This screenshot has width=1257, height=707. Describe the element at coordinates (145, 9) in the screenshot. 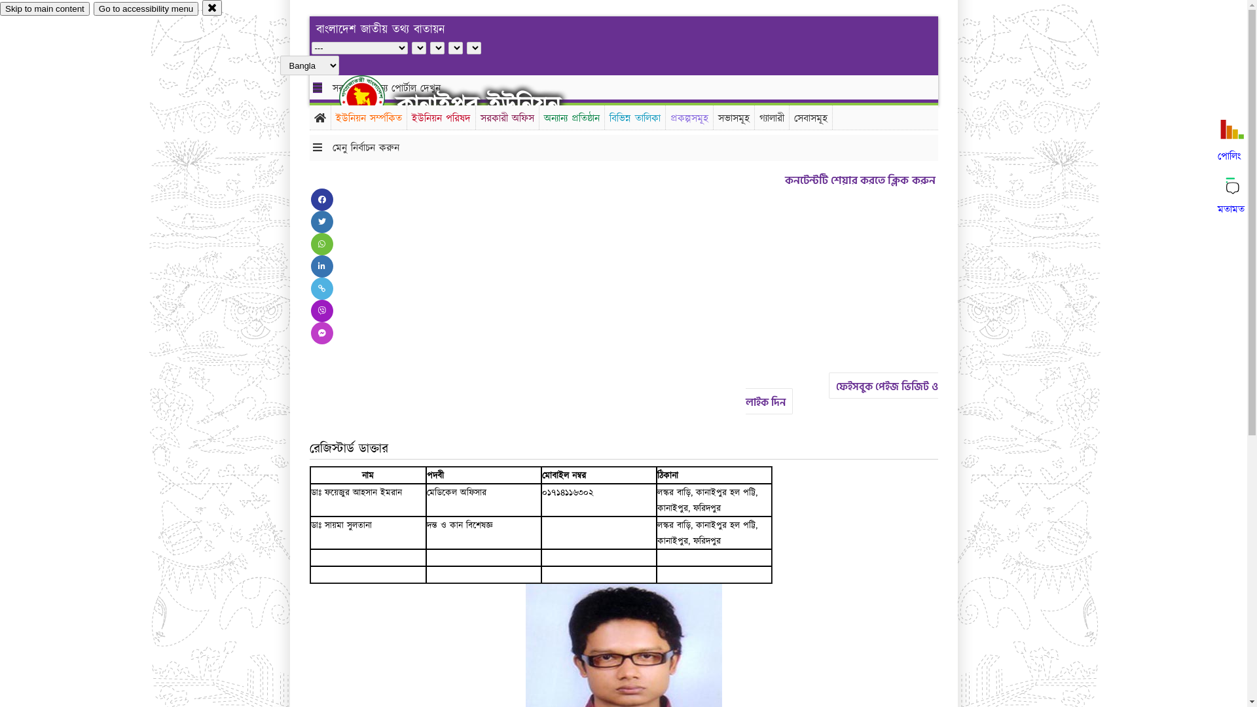

I see `'Go to accessibility menu'` at that location.